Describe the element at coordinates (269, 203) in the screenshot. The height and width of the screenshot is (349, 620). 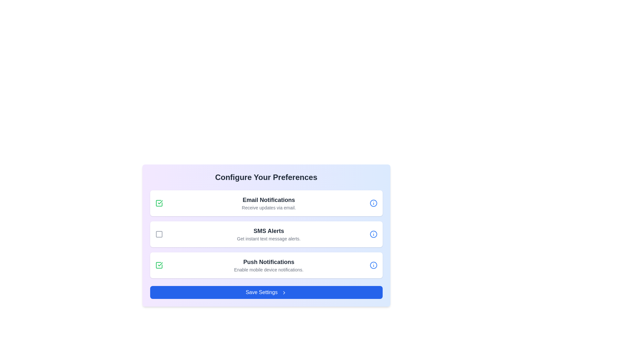
I see `the Text block that provides descriptive information about the 'Email Notifications' setting, which is located in the first row of settings options, right-aligned to a checkbox on the left and preceding an information icon on the right` at that location.